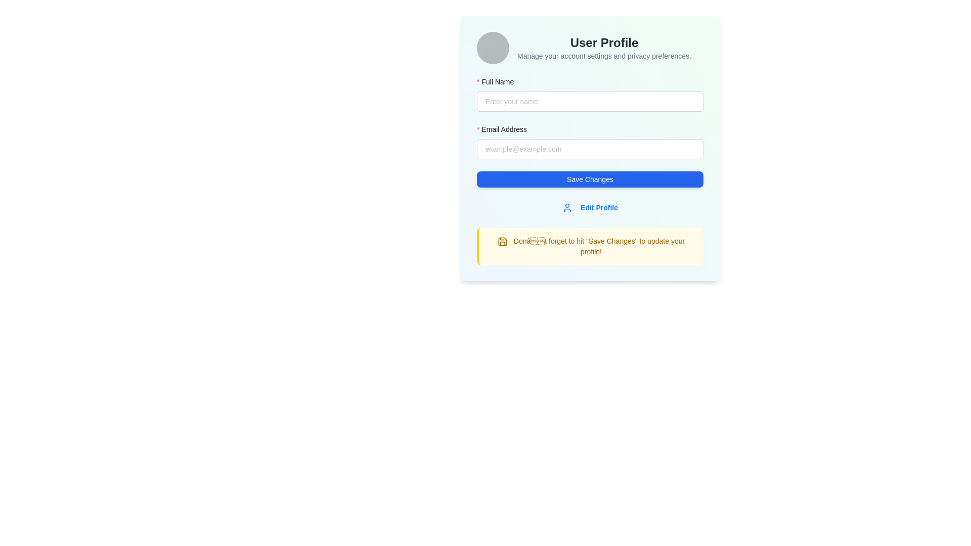  What do you see at coordinates (590, 149) in the screenshot?
I see `the text input field styled with a rectangular border and placeholder 'example@example.com', located beneath the 'Email Address' label in the 'User Profile' section, to enable text entry` at bounding box center [590, 149].